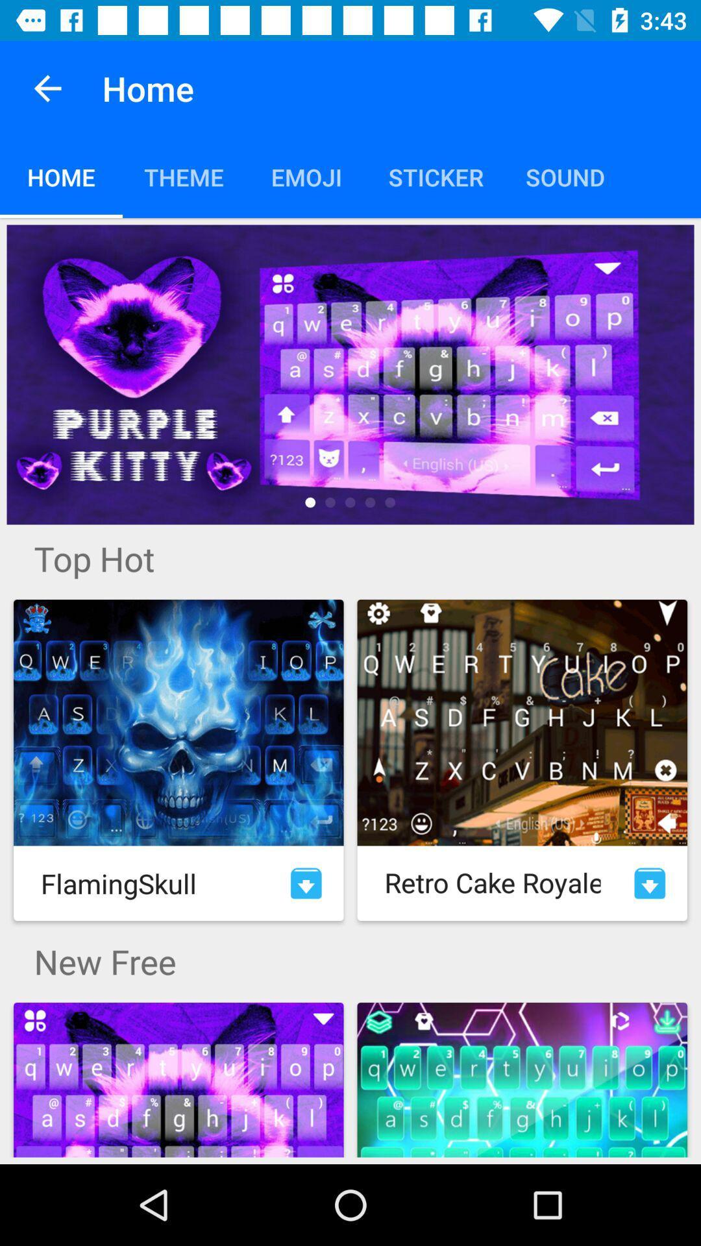 The image size is (701, 1246). Describe the element at coordinates (47, 88) in the screenshot. I see `the item next to home app` at that location.